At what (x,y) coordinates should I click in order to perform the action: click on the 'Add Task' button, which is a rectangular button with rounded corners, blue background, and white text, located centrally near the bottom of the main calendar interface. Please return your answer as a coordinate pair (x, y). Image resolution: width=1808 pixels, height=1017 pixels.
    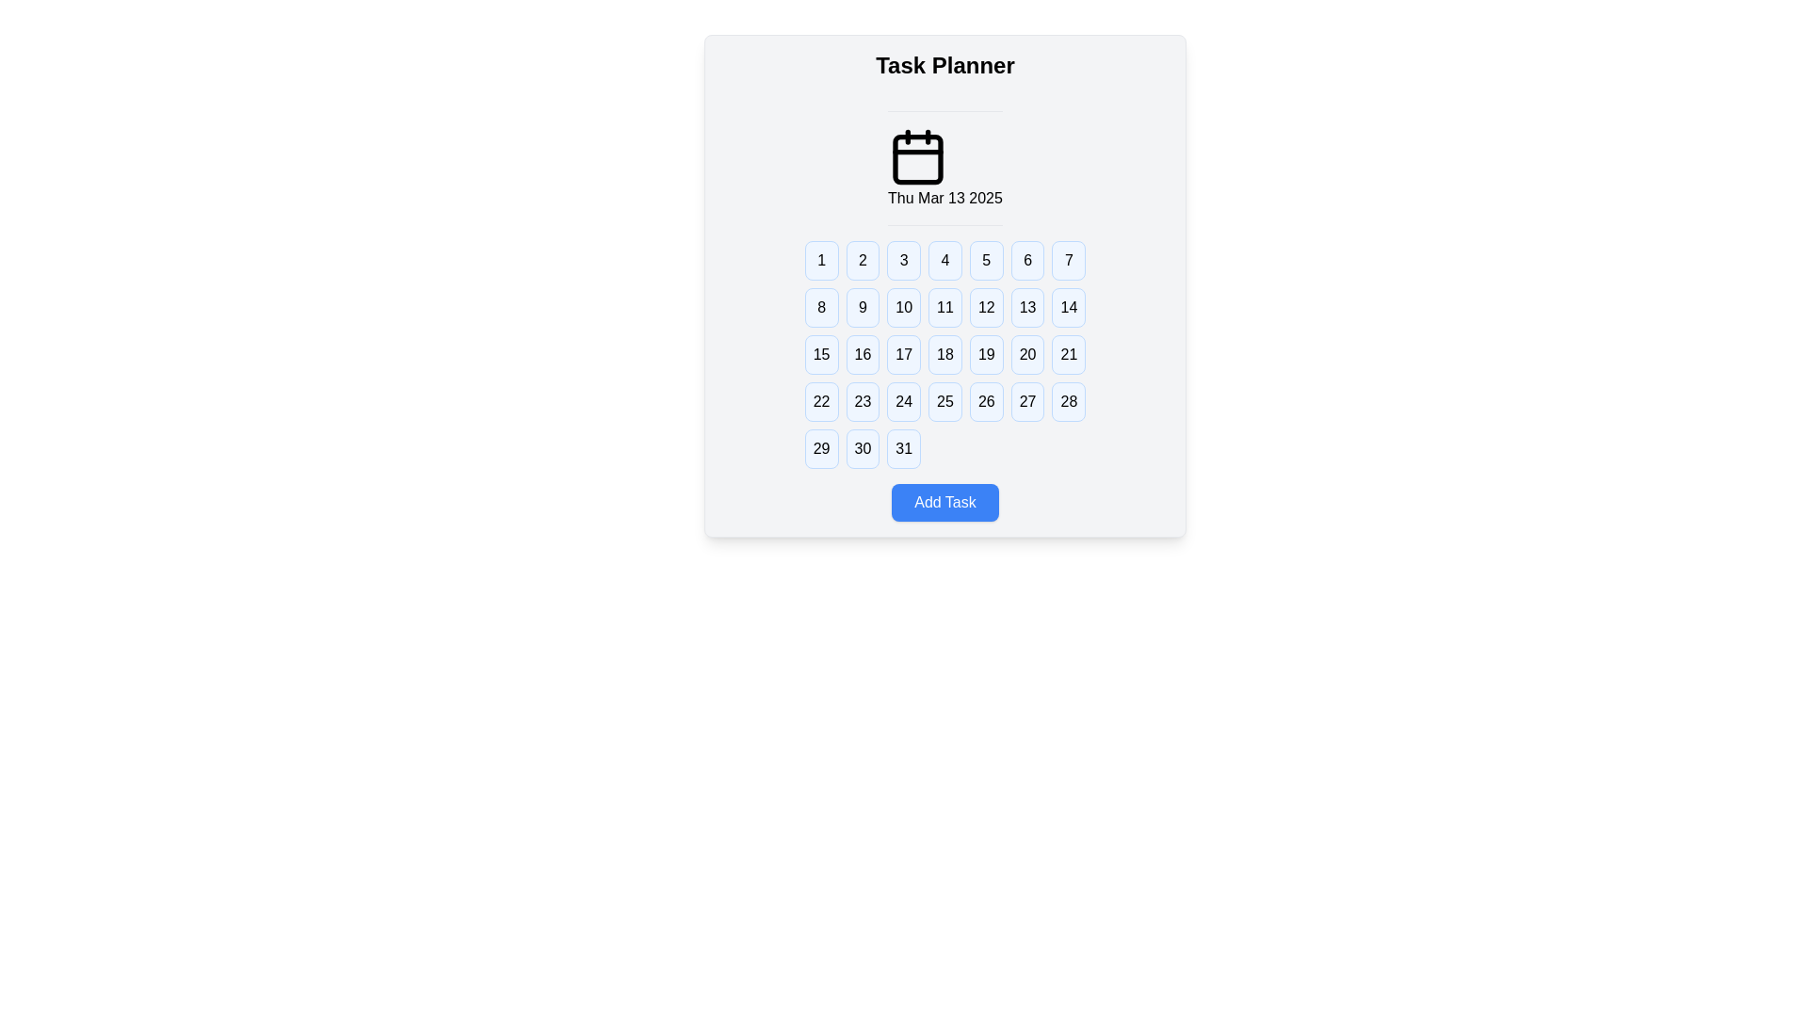
    Looking at the image, I should click on (944, 501).